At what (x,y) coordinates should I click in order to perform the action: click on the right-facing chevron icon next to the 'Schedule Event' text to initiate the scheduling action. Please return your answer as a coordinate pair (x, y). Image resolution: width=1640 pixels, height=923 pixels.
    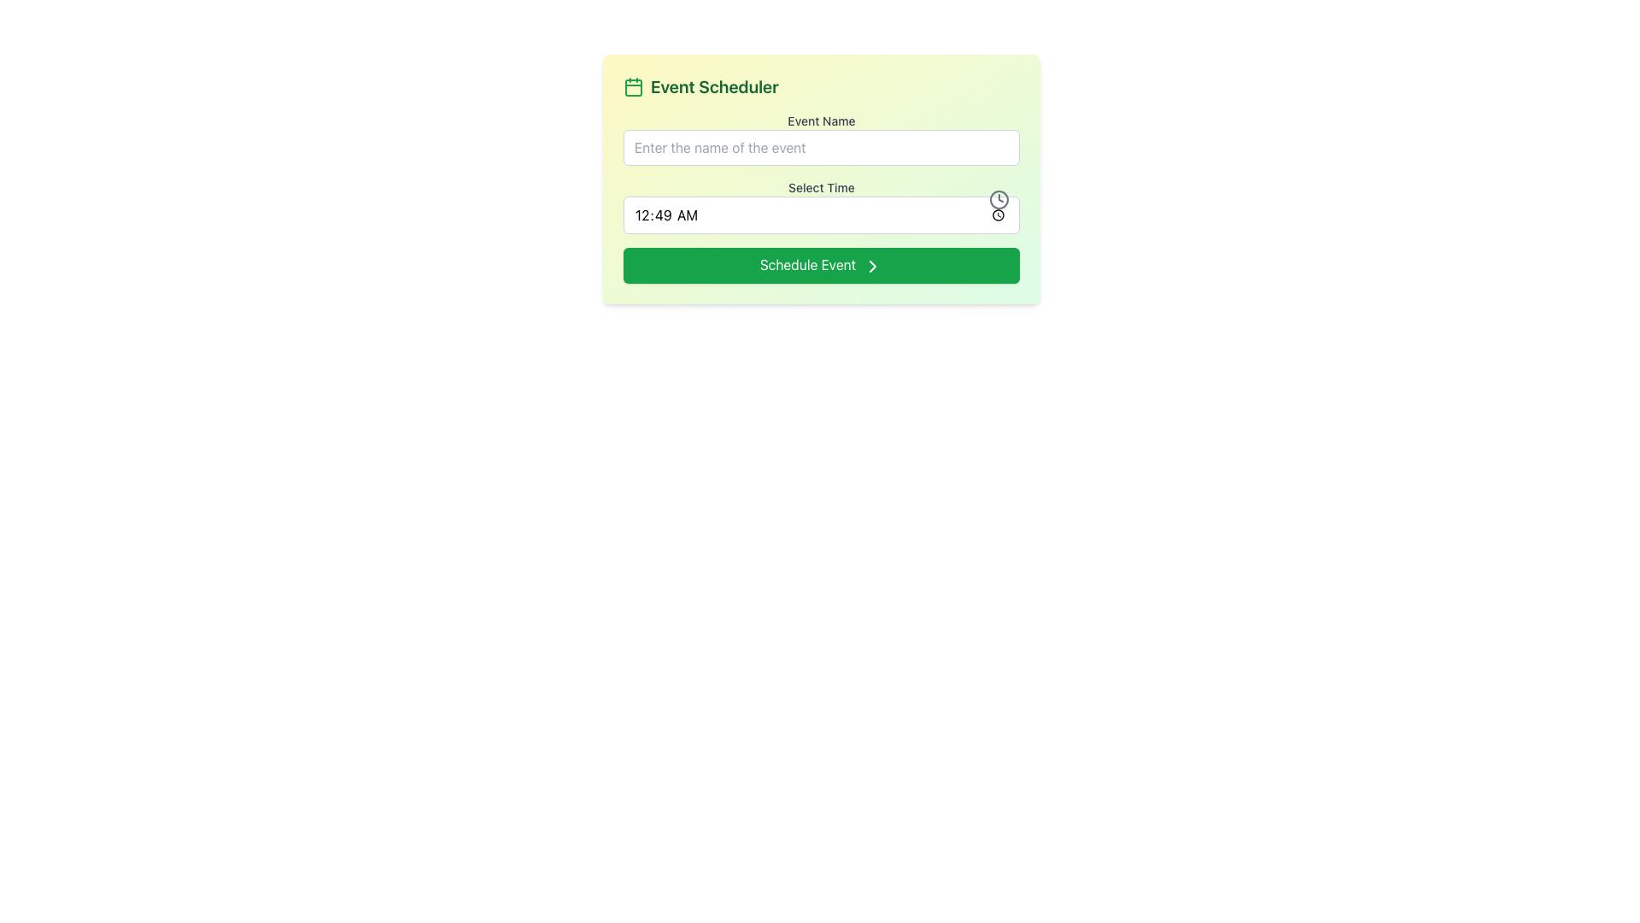
    Looking at the image, I should click on (873, 266).